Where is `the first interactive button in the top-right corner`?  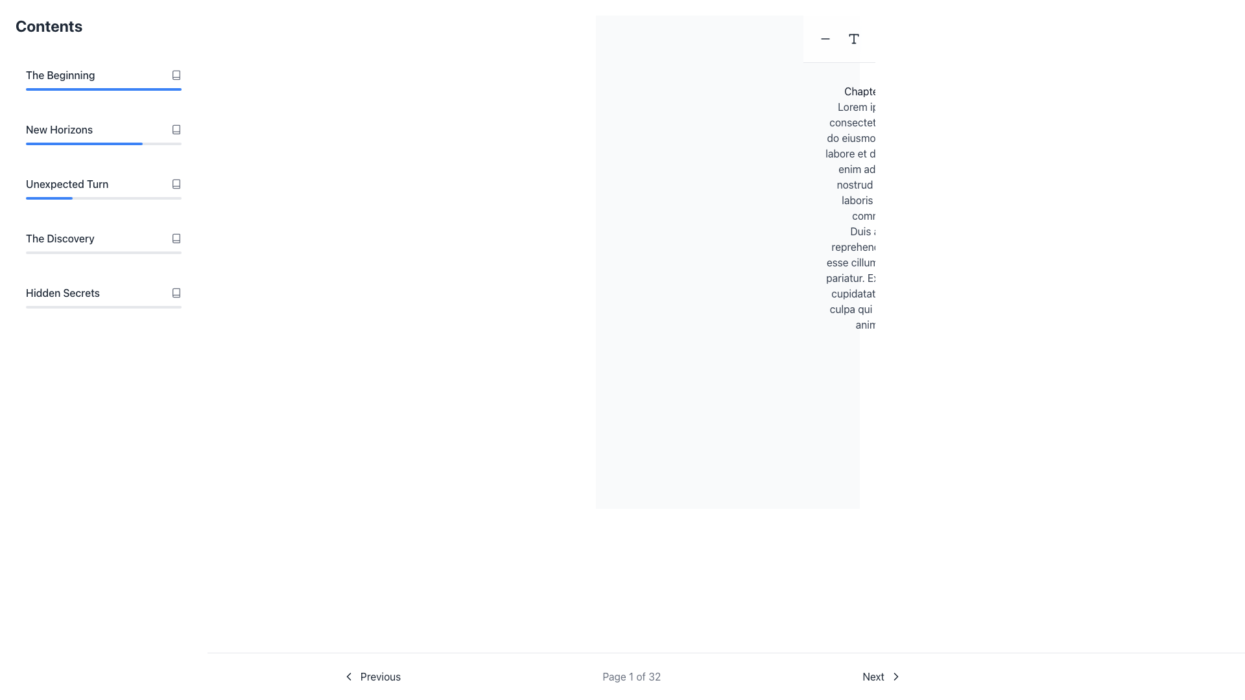 the first interactive button in the top-right corner is located at coordinates (906, 38).